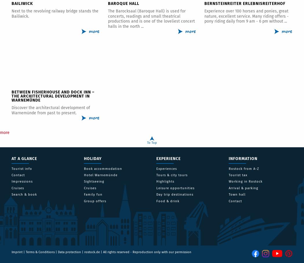 Image resolution: width=304 pixels, height=263 pixels. What do you see at coordinates (100, 175) in the screenshot?
I see `'Hotel Warnemünde'` at bounding box center [100, 175].